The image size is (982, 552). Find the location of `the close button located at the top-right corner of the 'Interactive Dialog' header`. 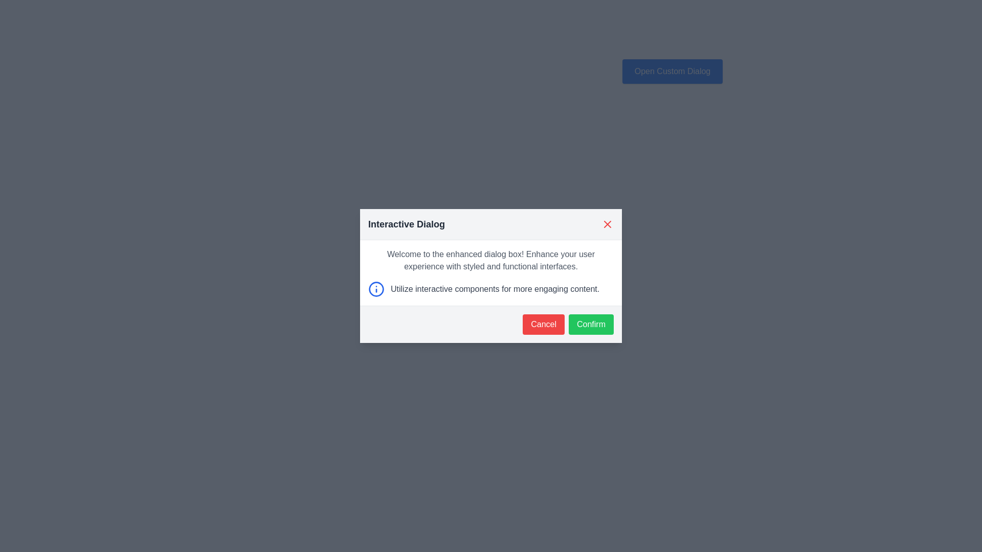

the close button located at the top-right corner of the 'Interactive Dialog' header is located at coordinates (608, 224).